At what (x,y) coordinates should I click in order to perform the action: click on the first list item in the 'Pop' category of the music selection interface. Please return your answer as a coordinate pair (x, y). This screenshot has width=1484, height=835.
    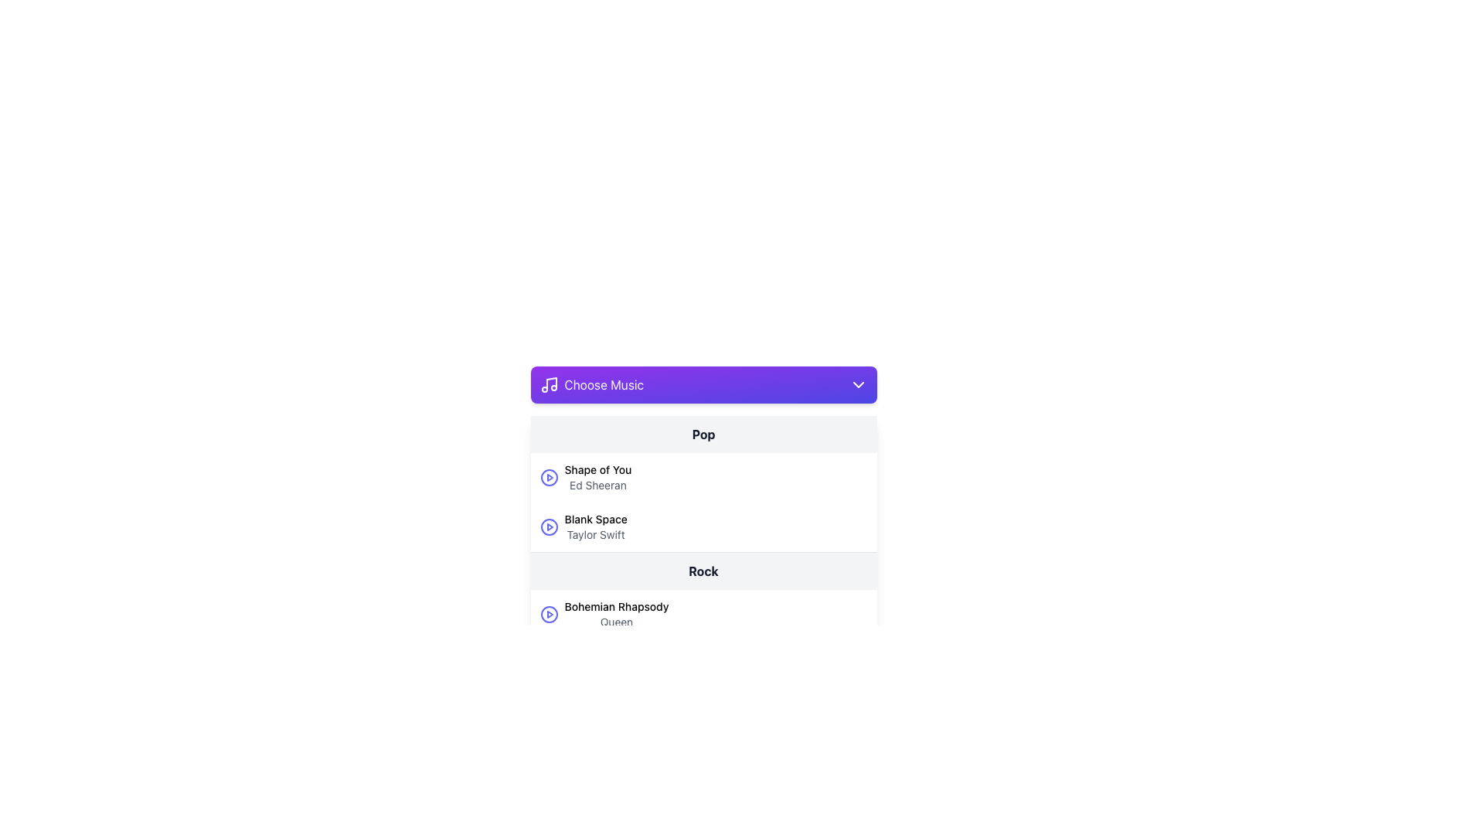
    Looking at the image, I should click on (703, 476).